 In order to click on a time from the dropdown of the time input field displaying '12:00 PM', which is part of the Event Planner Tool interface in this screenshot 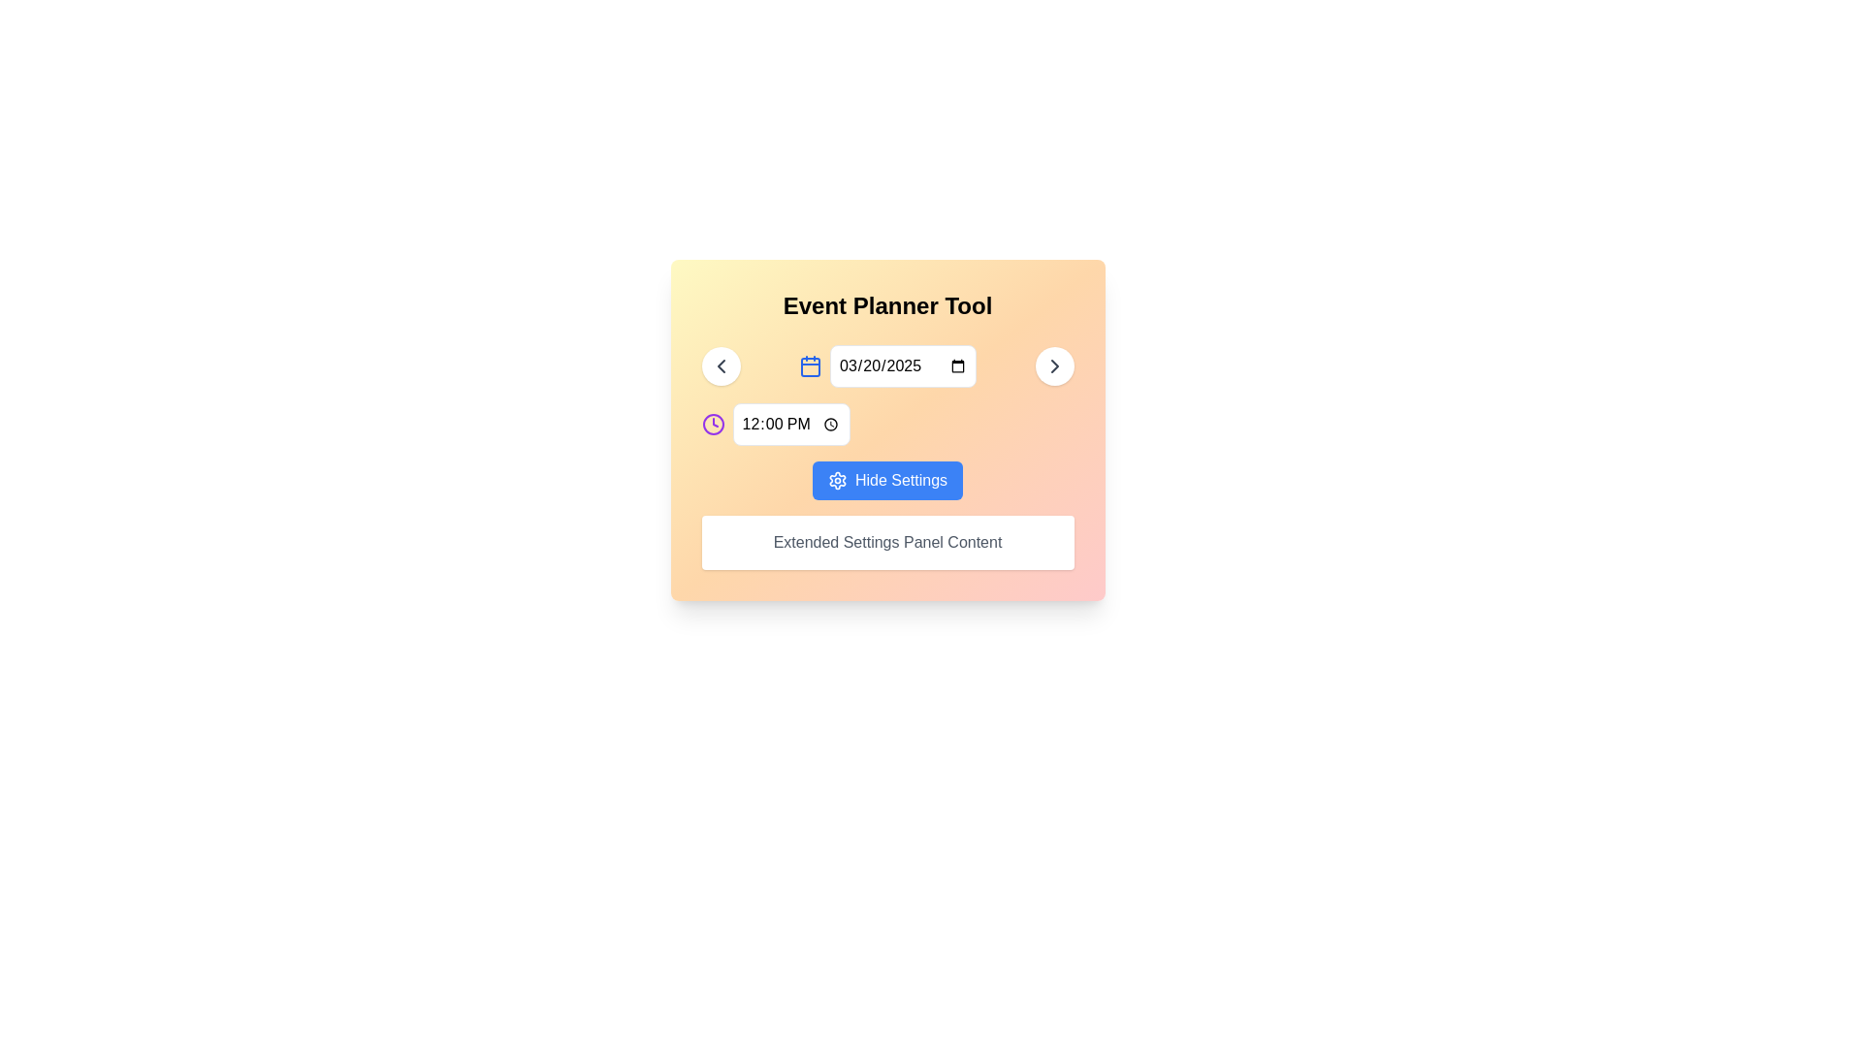, I will do `click(791, 424)`.